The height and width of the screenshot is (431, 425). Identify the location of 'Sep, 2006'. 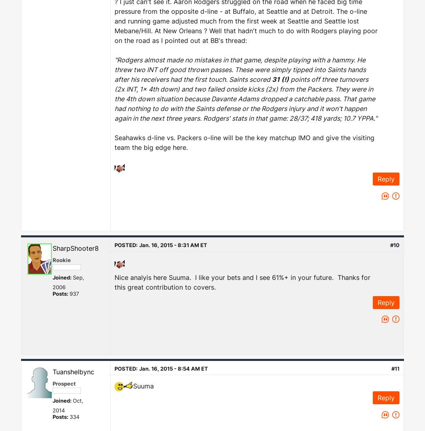
(68, 282).